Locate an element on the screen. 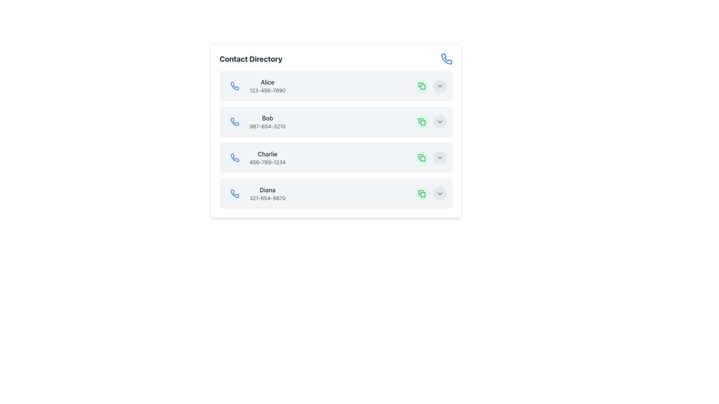 Image resolution: width=719 pixels, height=404 pixels. the Chevron Down icon located at the top-right corner of Alice's contact entry in the Contact Directory is located at coordinates (440, 86).